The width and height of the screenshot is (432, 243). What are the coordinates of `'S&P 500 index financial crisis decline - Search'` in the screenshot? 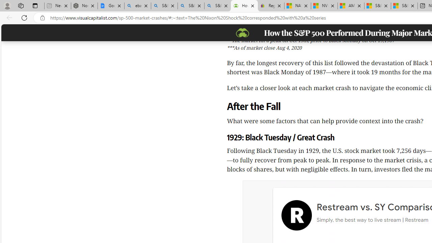 It's located at (217, 6).